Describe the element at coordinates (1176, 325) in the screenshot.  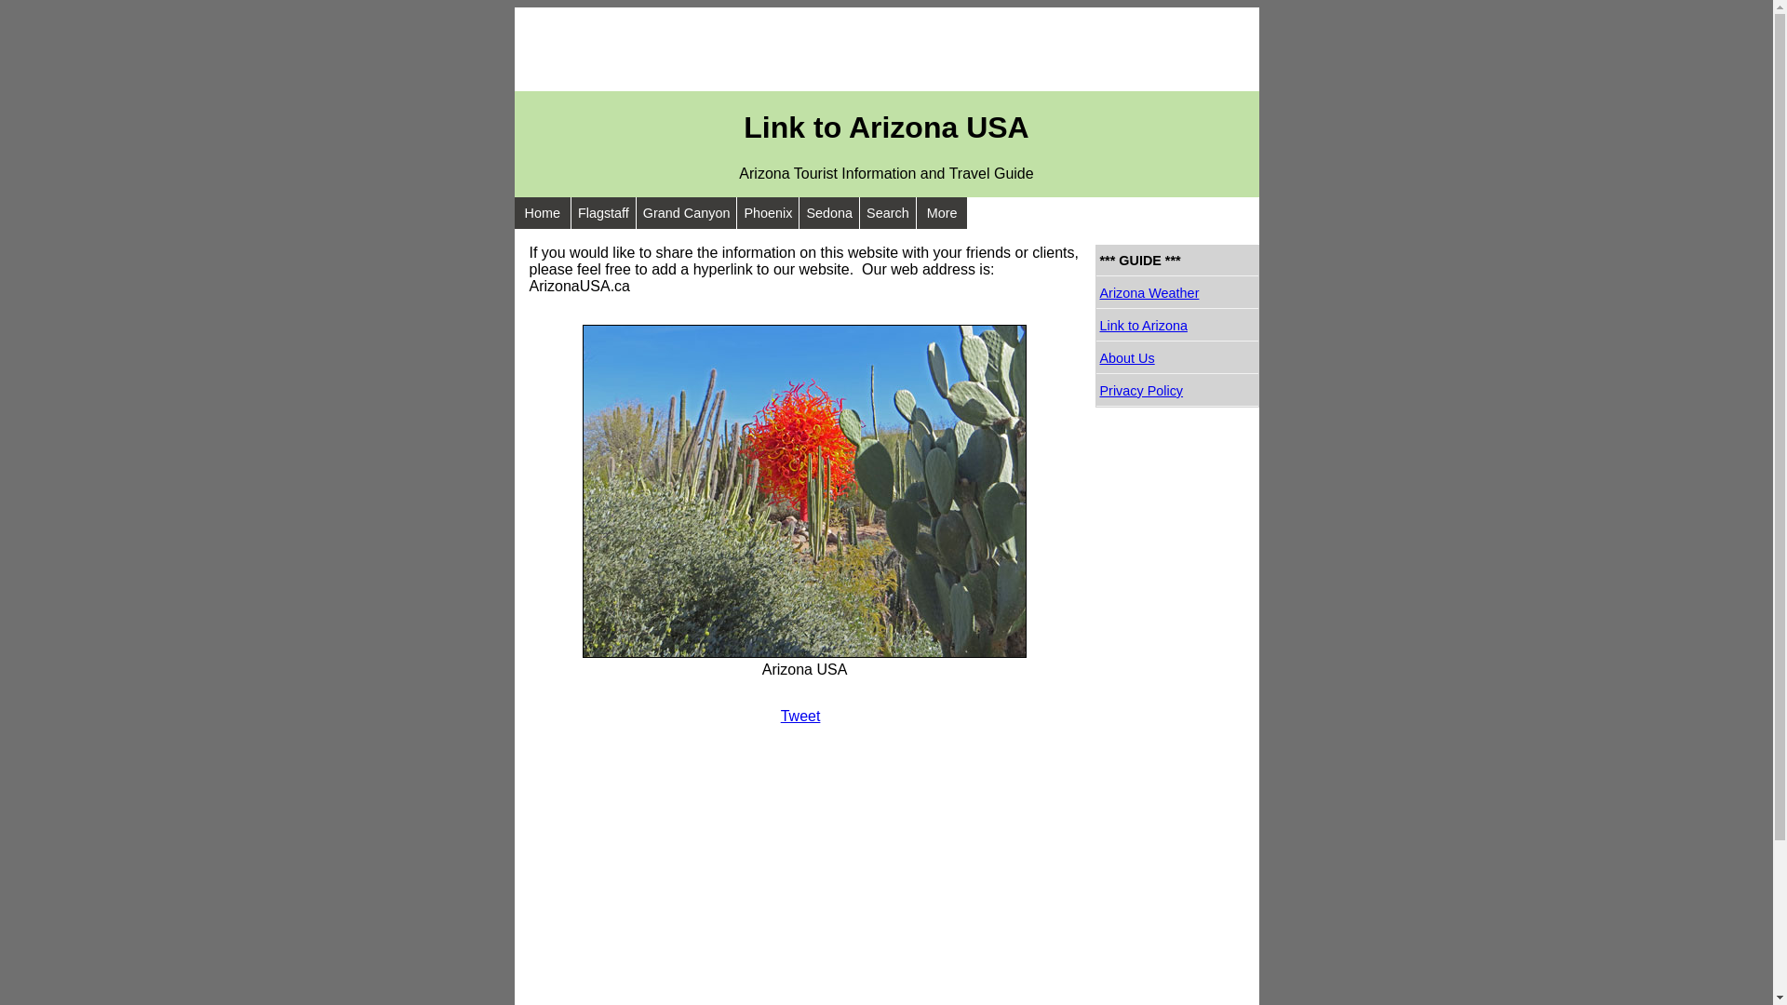
I see `'Link to Arizona'` at that location.